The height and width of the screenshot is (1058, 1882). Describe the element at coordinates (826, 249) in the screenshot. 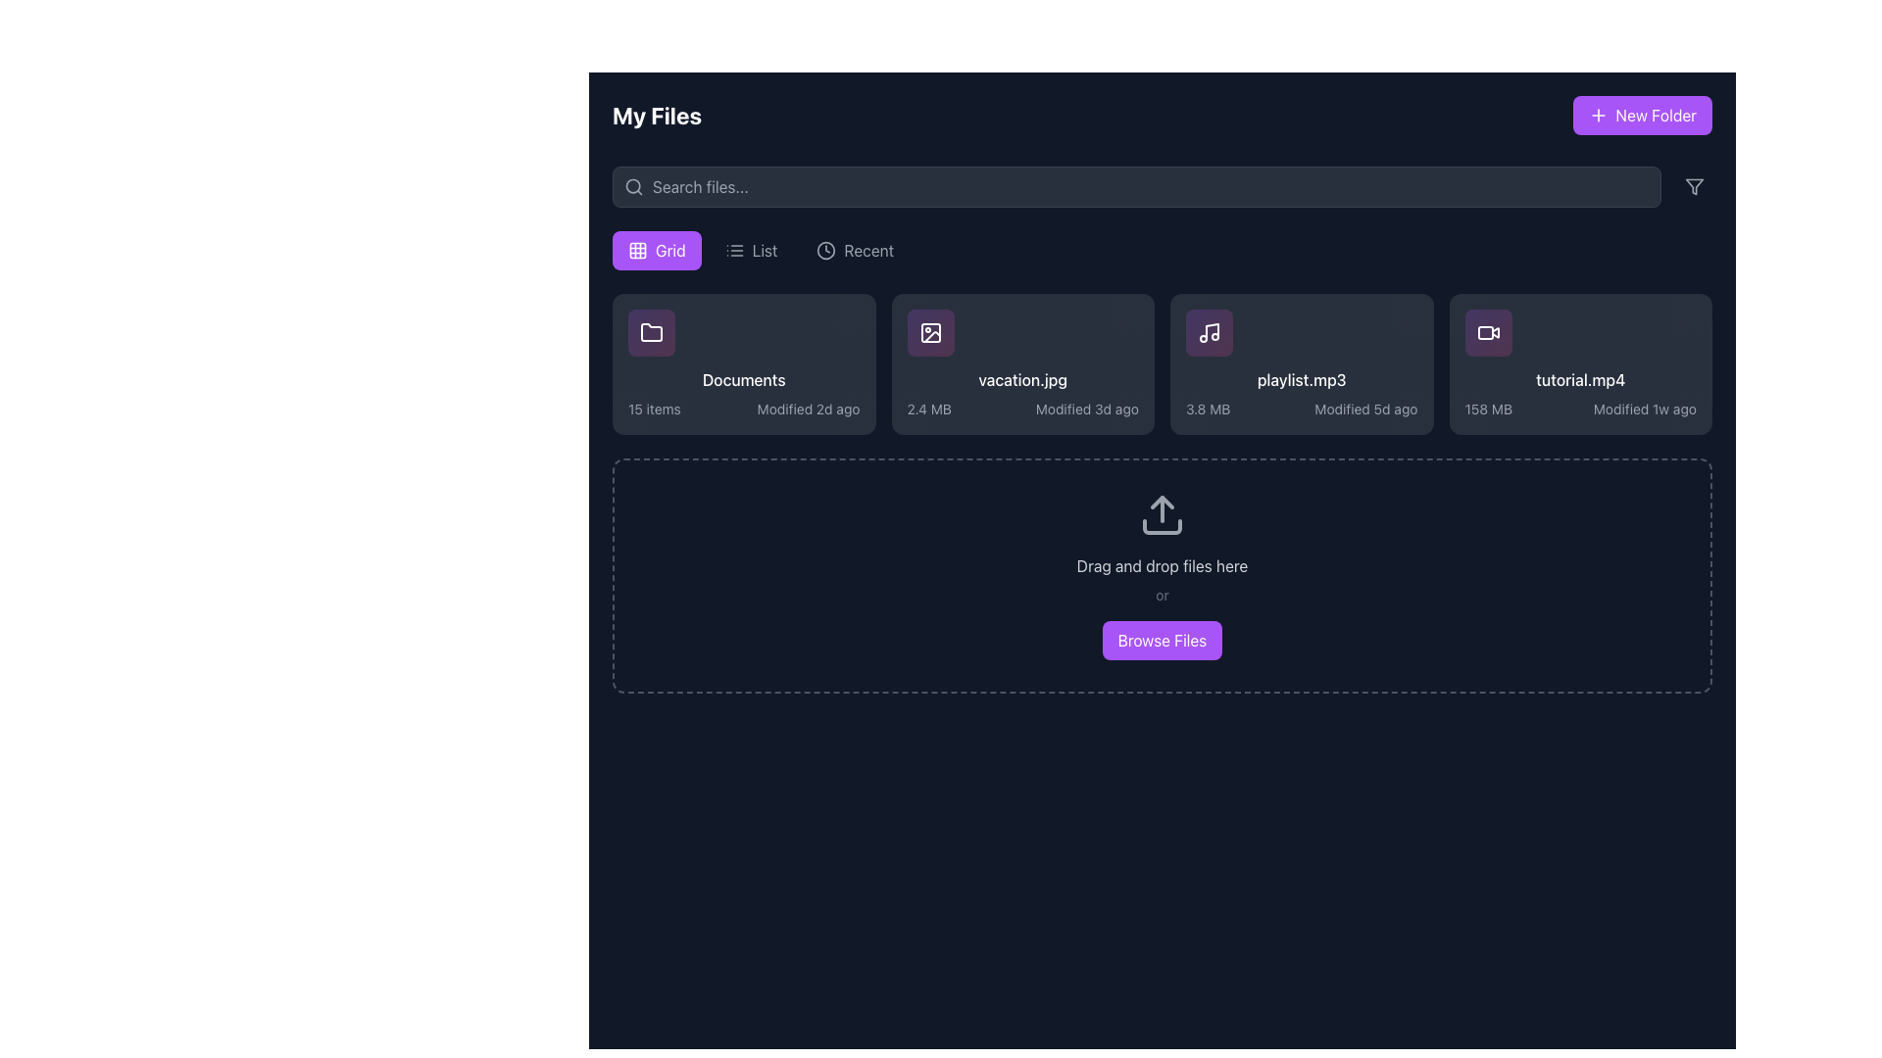

I see `the 'Recent' icon located in the top navigation bar, which represents the 'Recent' section of the interface and precedes the text label 'Recent'` at that location.